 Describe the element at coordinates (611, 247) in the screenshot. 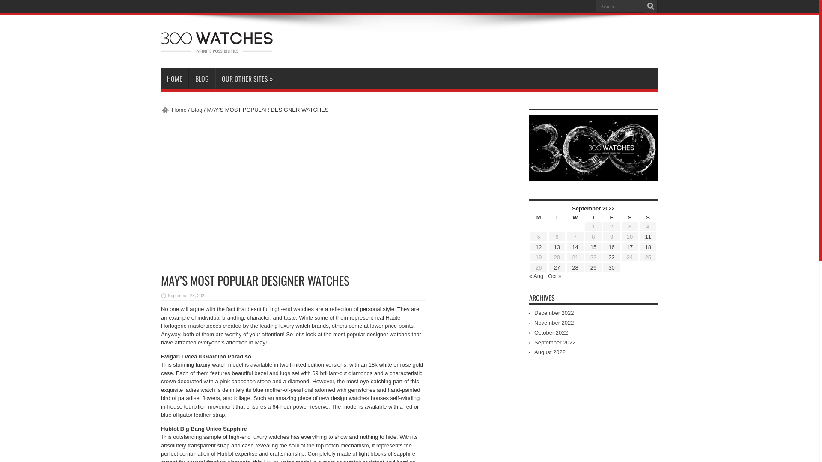

I see `'16'` at that location.